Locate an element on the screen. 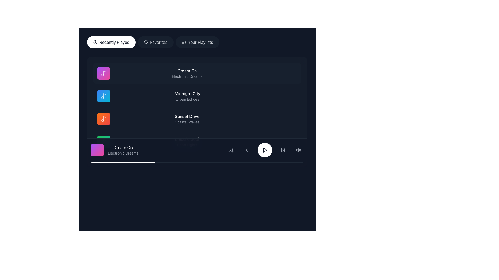 Image resolution: width=499 pixels, height=280 pixels. the circular button with three small horizontally aligned gray dots located on the far right side of the 'Midnight City' entry by 'Urban Echoes' is located at coordinates (293, 96).